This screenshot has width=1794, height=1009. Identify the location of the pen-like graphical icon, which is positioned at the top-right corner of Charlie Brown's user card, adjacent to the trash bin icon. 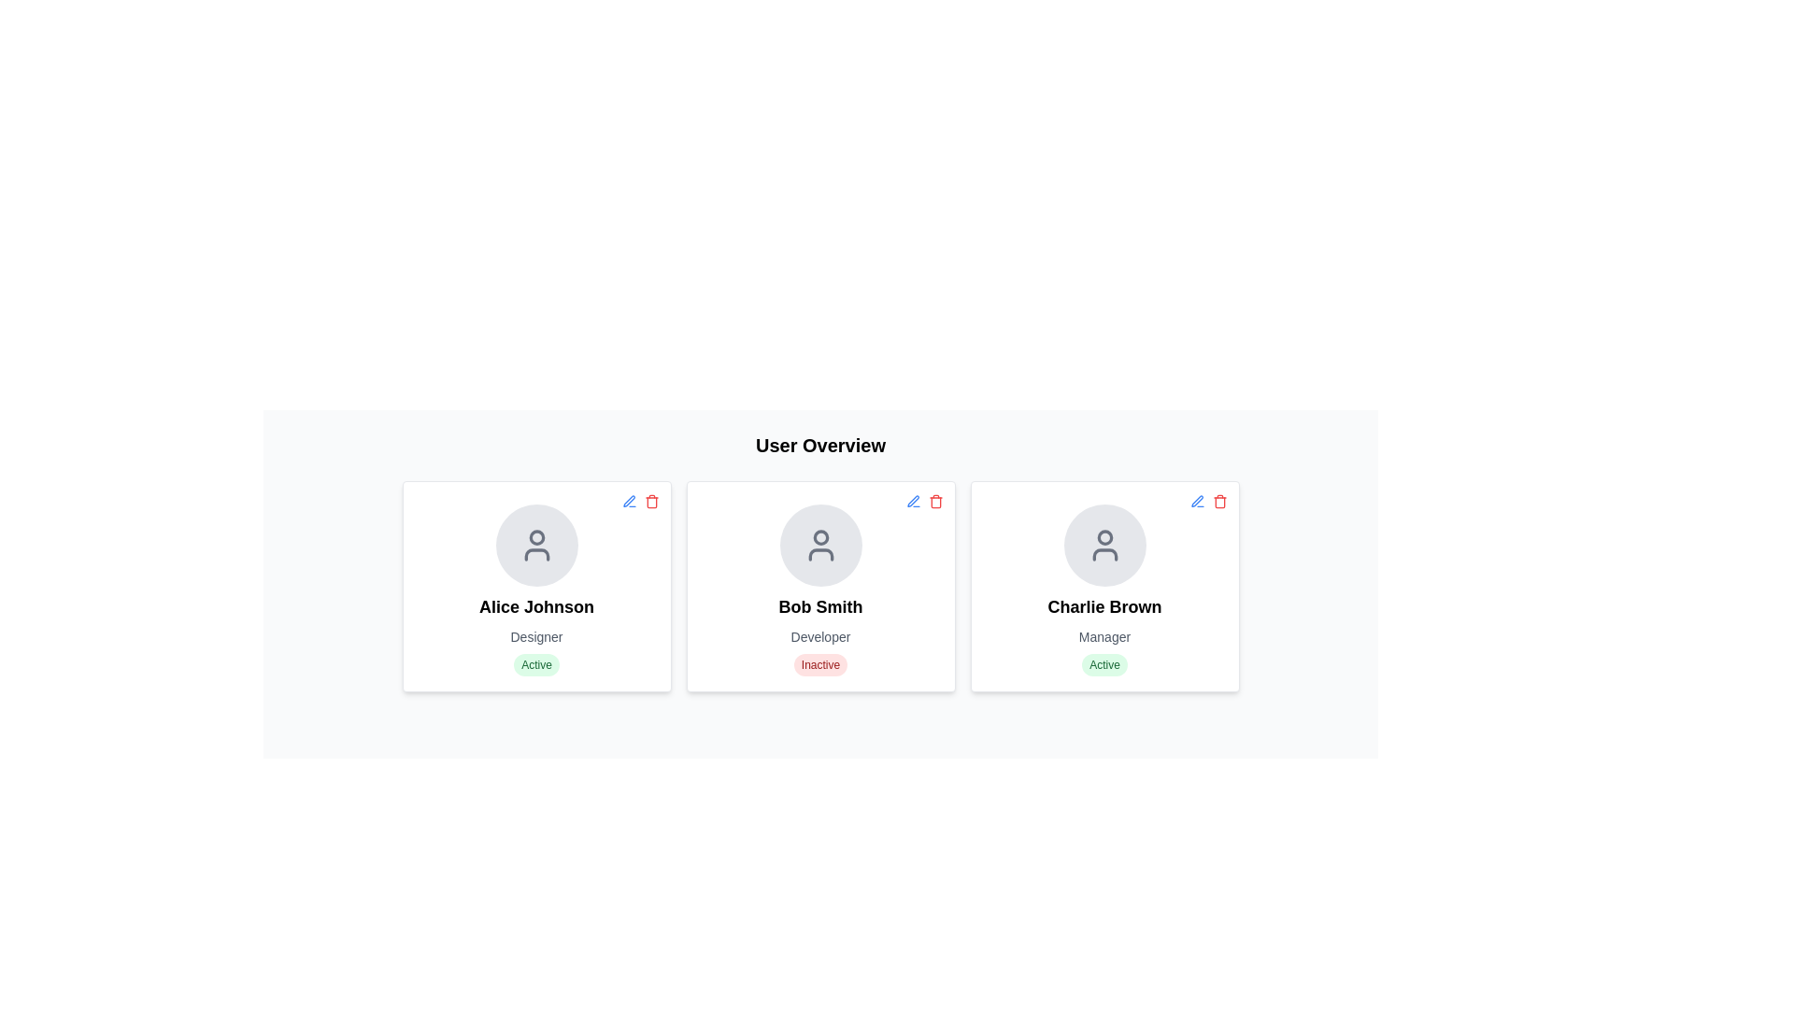
(1197, 500).